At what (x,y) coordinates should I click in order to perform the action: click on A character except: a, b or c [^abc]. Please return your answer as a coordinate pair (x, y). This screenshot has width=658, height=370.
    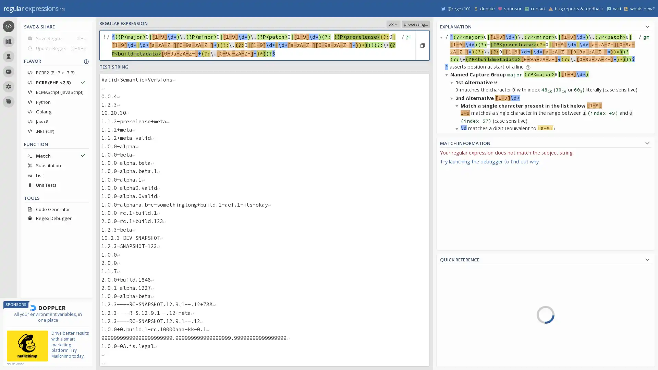
    Looking at the image, I should click on (580, 281).